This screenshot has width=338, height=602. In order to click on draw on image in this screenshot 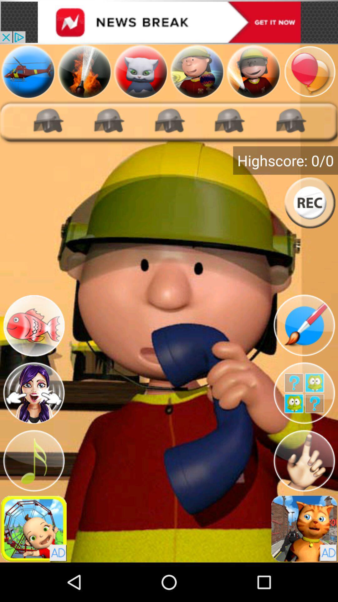, I will do `click(304, 325)`.